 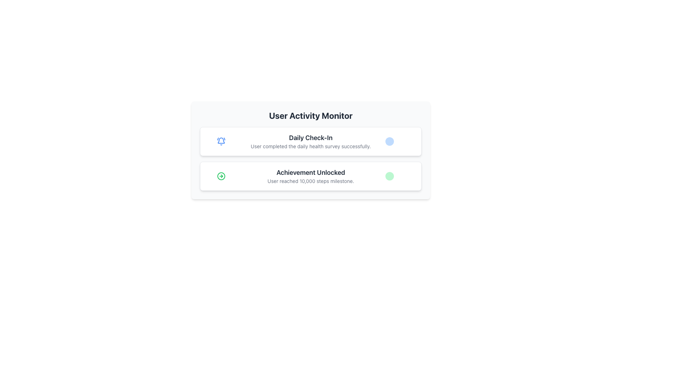 What do you see at coordinates (400, 141) in the screenshot?
I see `the status indicator badge located on the rightmost side of the 'Daily Check-In' card` at bounding box center [400, 141].